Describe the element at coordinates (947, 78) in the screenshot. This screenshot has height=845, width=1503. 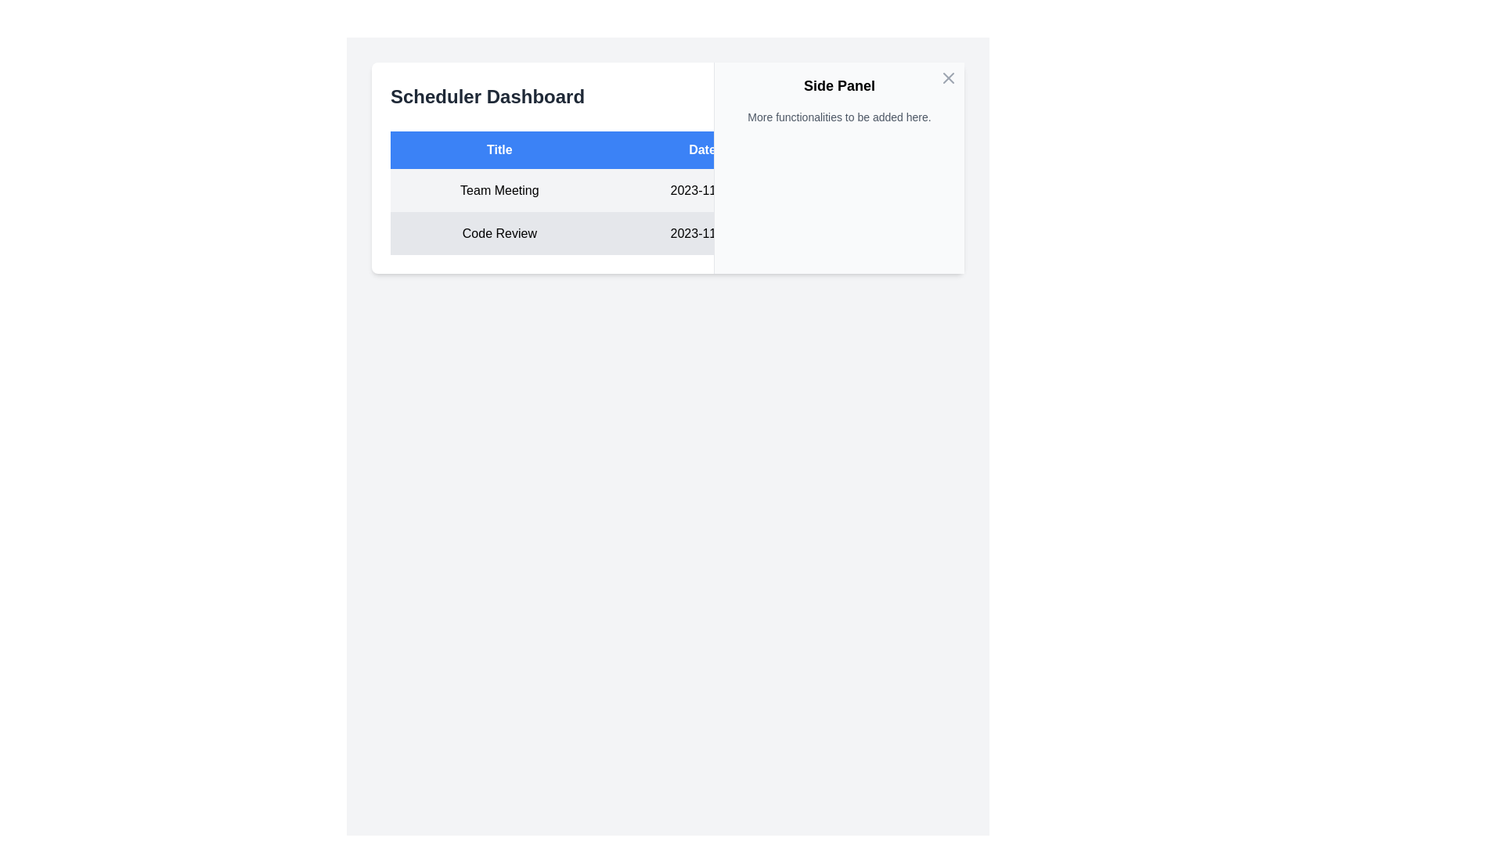
I see `the close button located at the top-right corner of the 'Side Panel'` at that location.